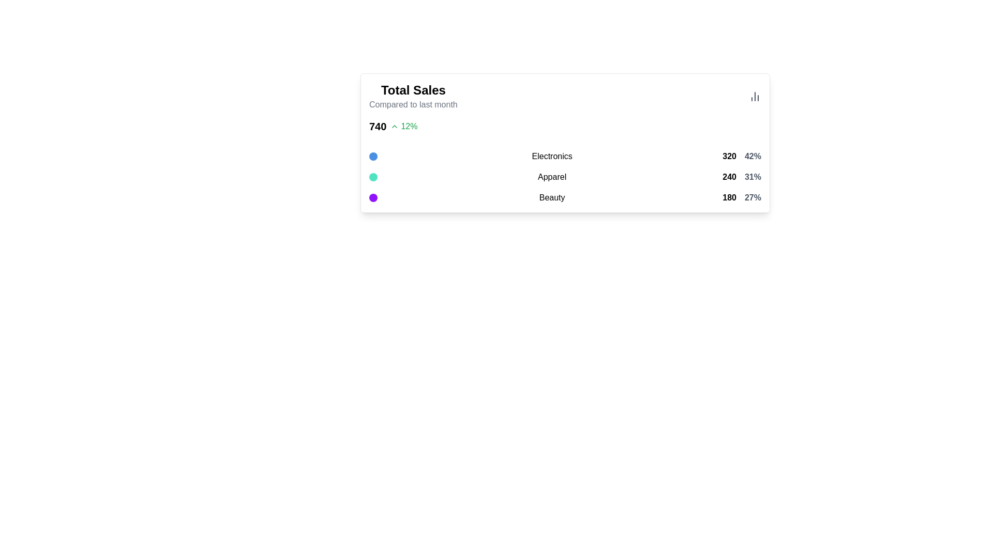 The image size is (993, 558). What do you see at coordinates (729, 177) in the screenshot?
I see `numerical value associated with the 'Apparel' category, located in the second row of a list, positioned between the 'Apparel' label and the '31%' percentage indicator` at bounding box center [729, 177].